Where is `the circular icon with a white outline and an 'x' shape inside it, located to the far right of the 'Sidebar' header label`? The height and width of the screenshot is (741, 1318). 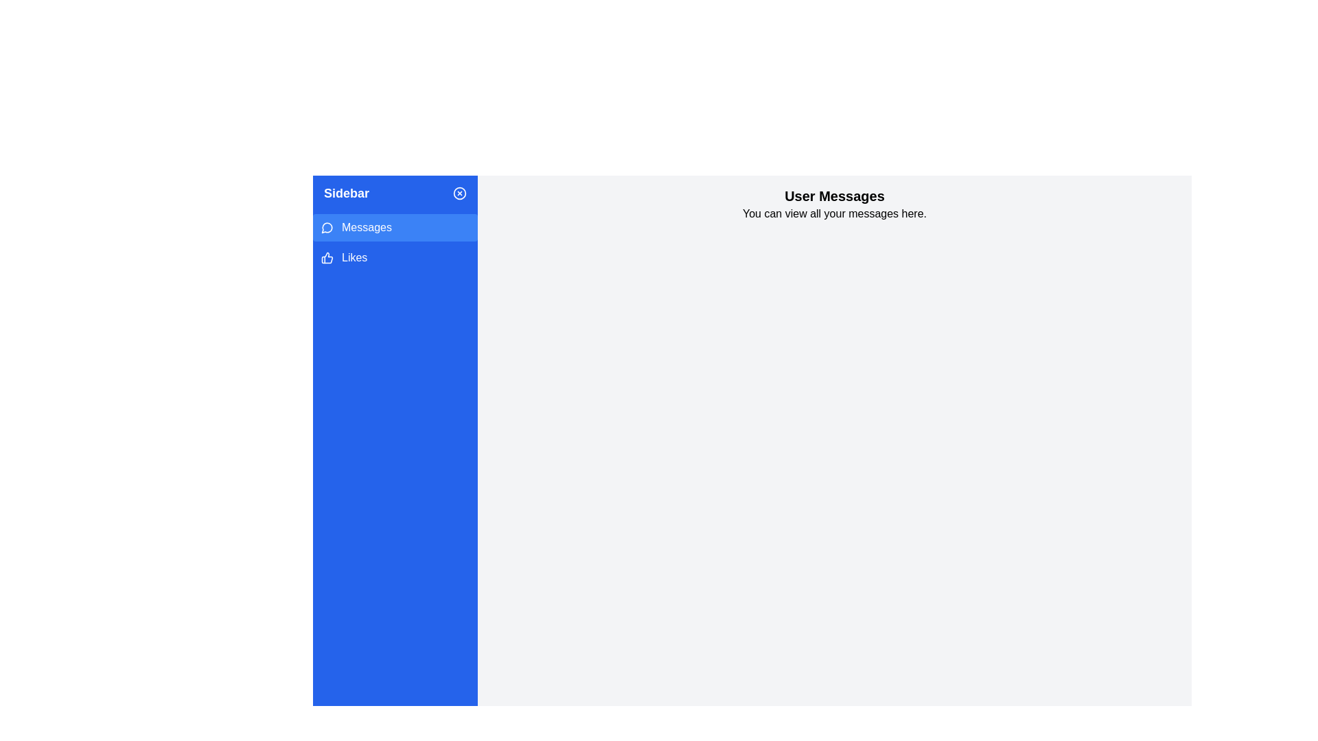
the circular icon with a white outline and an 'x' shape inside it, located to the far right of the 'Sidebar' header label is located at coordinates (460, 193).